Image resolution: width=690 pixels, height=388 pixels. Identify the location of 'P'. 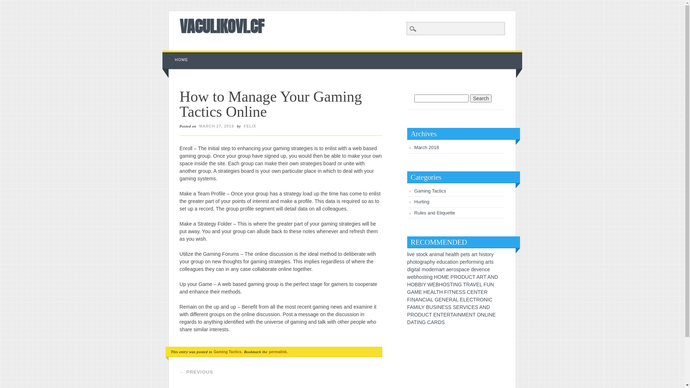
(452, 277).